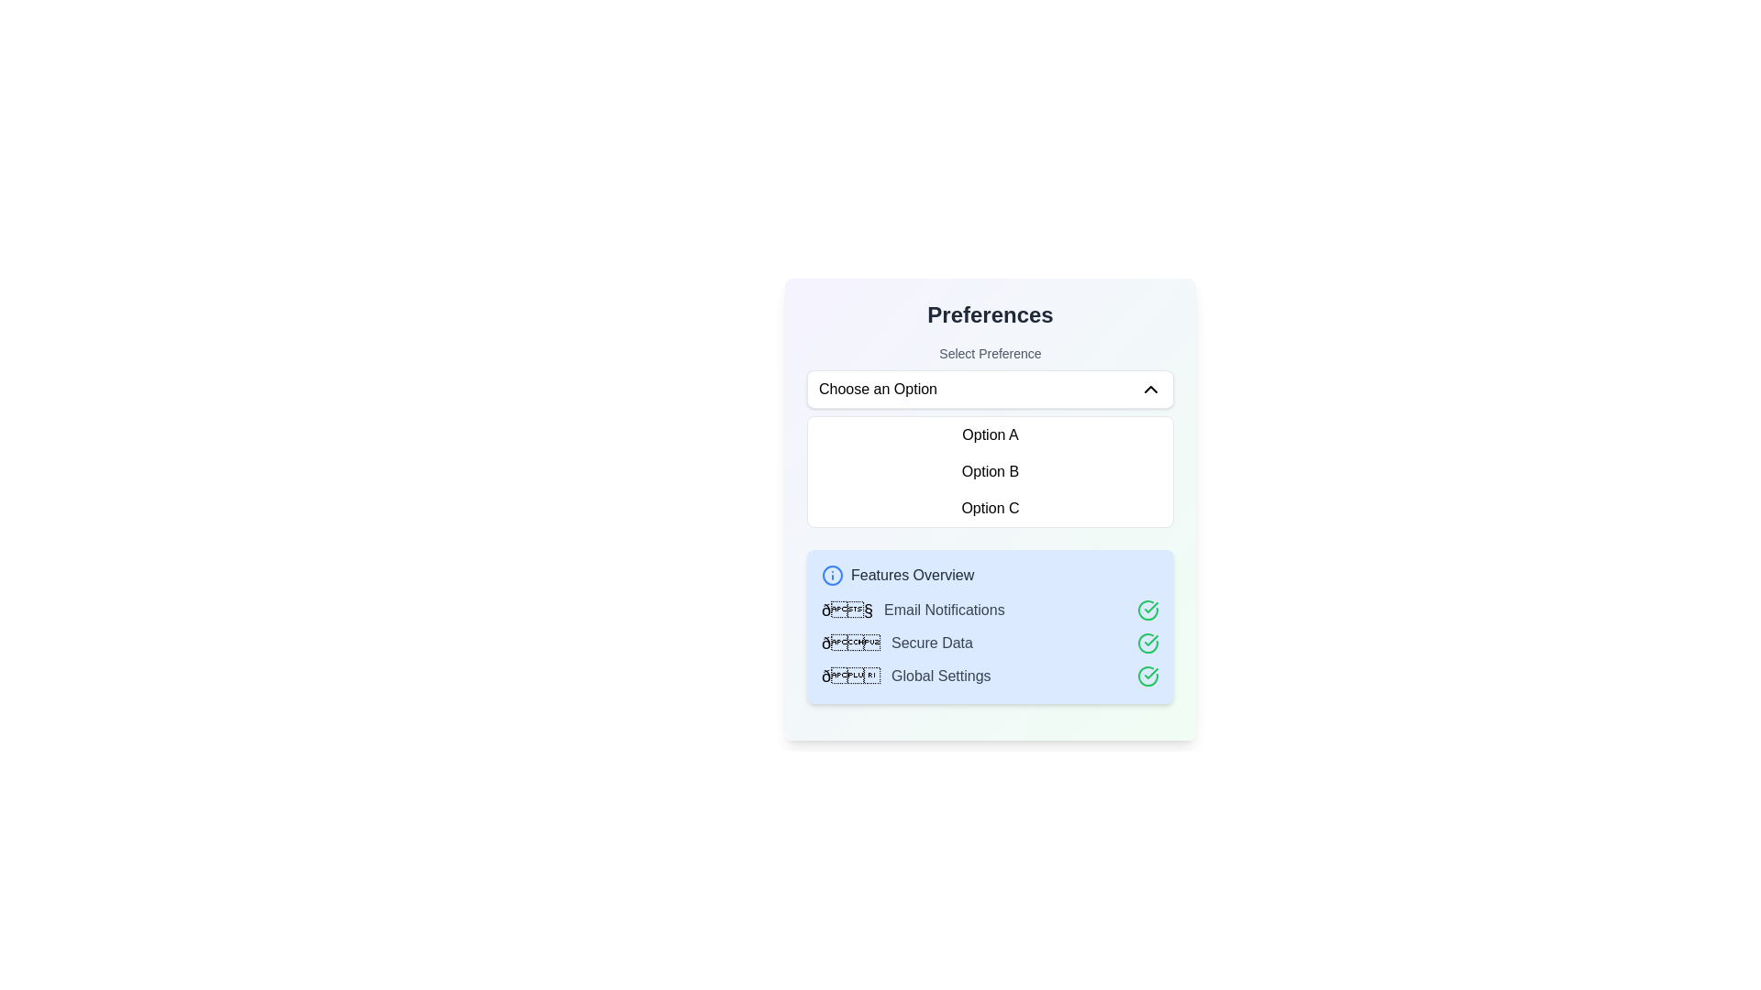 This screenshot has width=1761, height=990. I want to click on the dropdown item labeled 'Option C', so click(990, 509).